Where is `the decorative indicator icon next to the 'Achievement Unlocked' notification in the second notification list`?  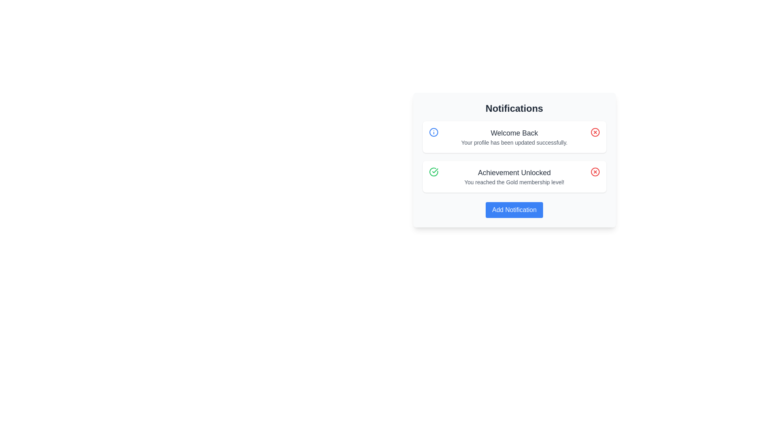
the decorative indicator icon next to the 'Achievement Unlocked' notification in the second notification list is located at coordinates (435, 170).